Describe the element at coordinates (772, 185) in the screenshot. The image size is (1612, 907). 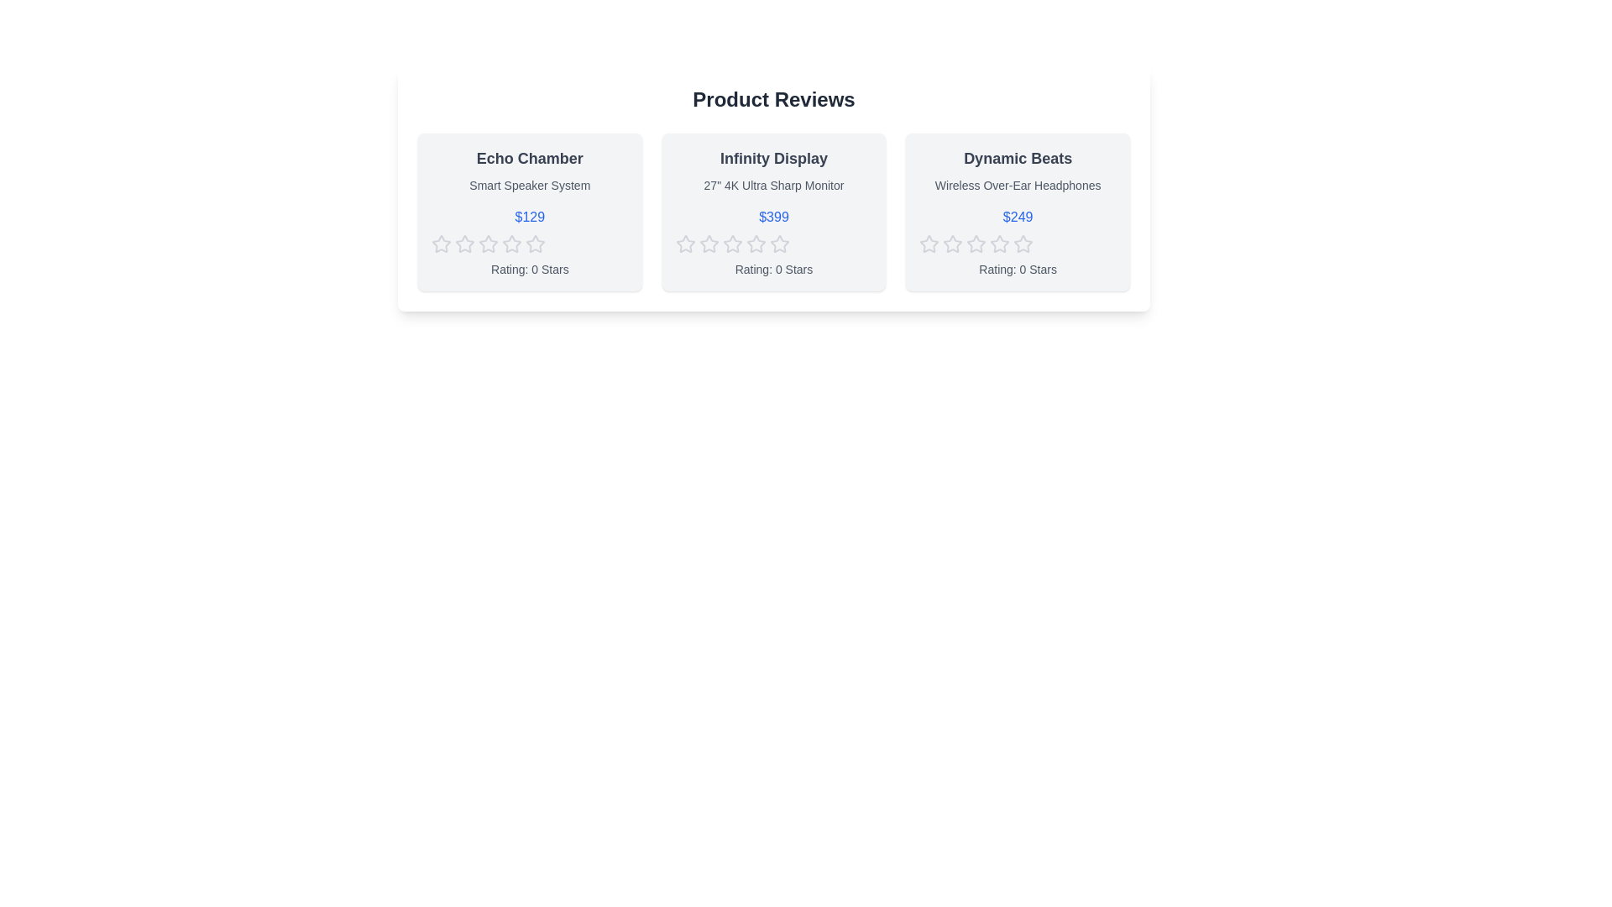
I see `the text label reading '27" 4K Ultra Sharp Monitor', which is styled in a small, gray font and located beneath the title 'Infinity Display'` at that location.